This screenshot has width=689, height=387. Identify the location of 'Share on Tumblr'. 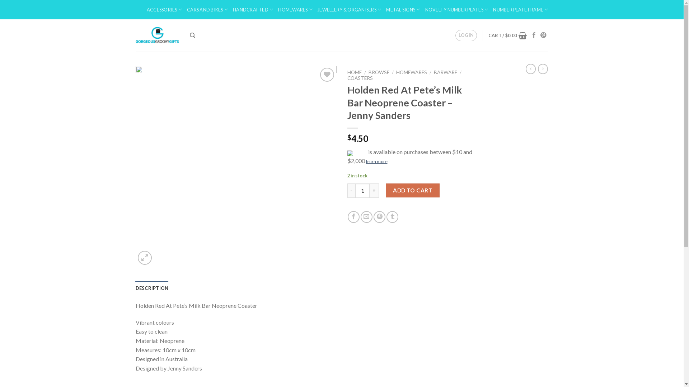
(392, 216).